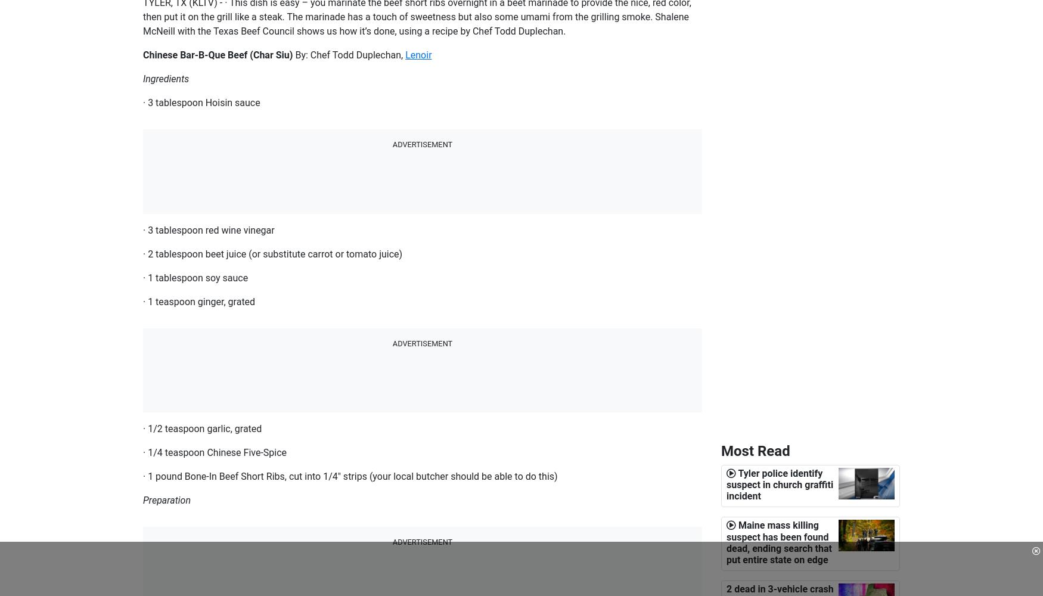 Image resolution: width=1043 pixels, height=596 pixels. I want to click on 'Tyler police identify suspect in church graffiti incident', so click(779, 484).